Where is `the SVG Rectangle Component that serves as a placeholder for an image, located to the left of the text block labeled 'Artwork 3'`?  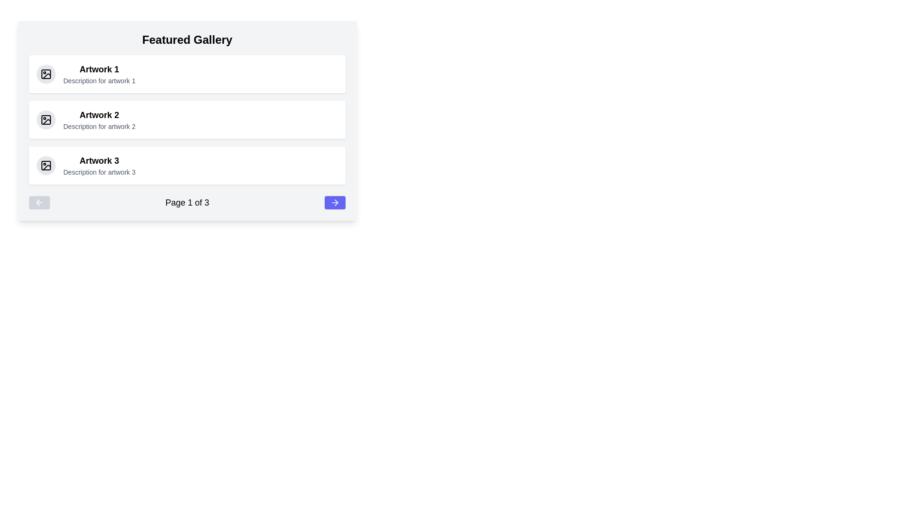 the SVG Rectangle Component that serves as a placeholder for an image, located to the left of the text block labeled 'Artwork 3' is located at coordinates (45, 165).